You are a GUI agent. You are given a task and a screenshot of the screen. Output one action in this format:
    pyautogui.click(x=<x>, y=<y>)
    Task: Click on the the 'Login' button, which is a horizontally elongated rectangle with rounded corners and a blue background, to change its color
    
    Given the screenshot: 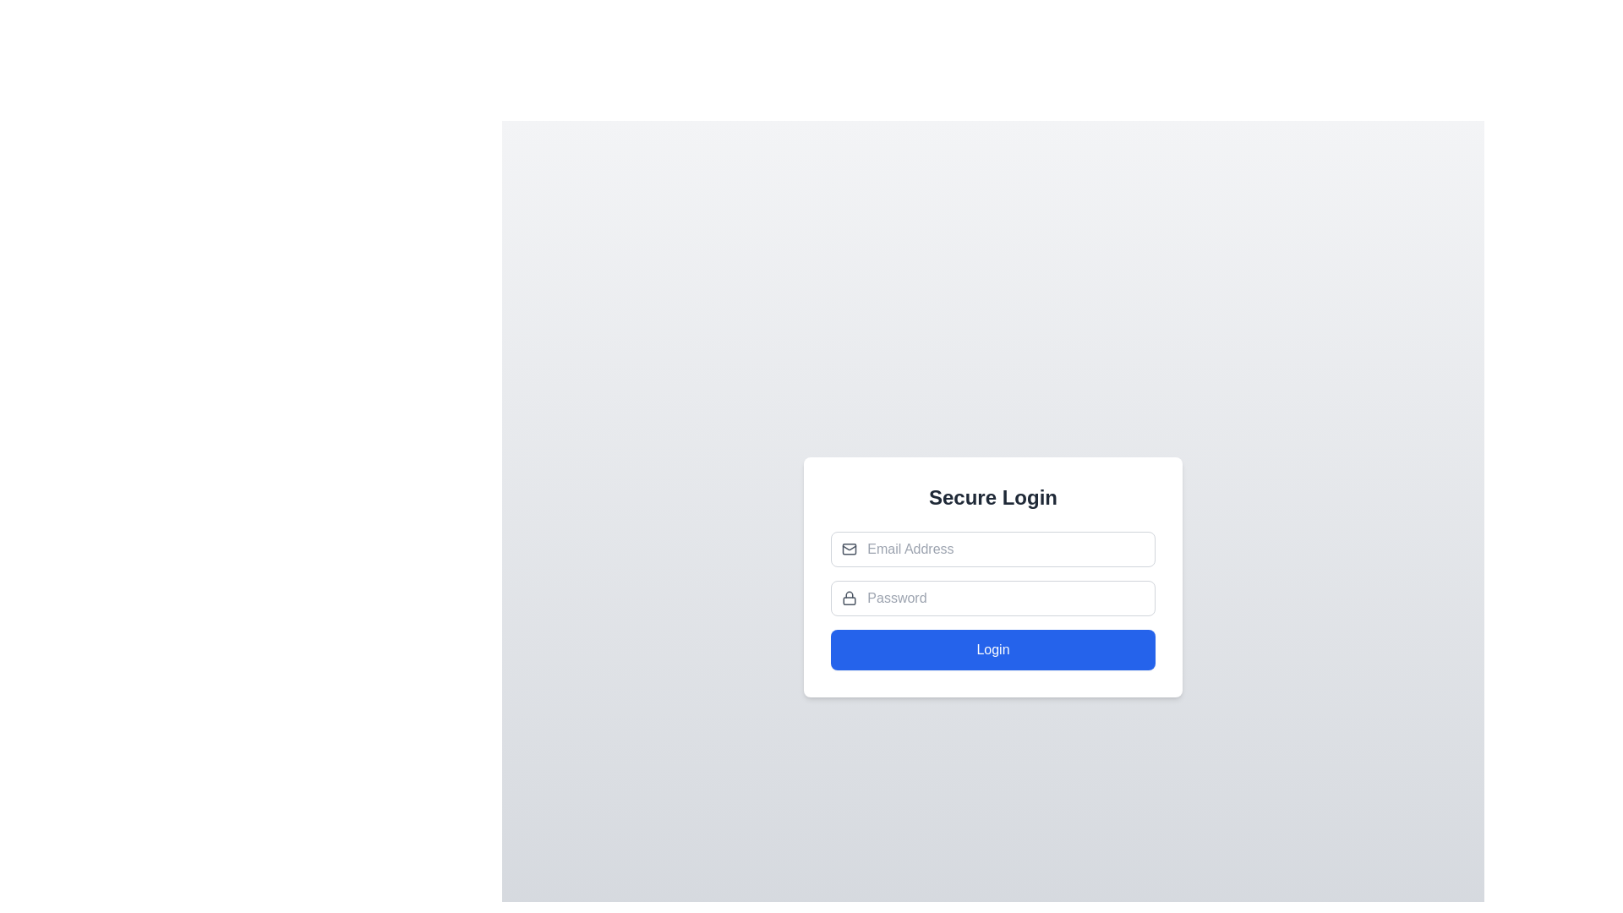 What is the action you would take?
    pyautogui.click(x=993, y=648)
    